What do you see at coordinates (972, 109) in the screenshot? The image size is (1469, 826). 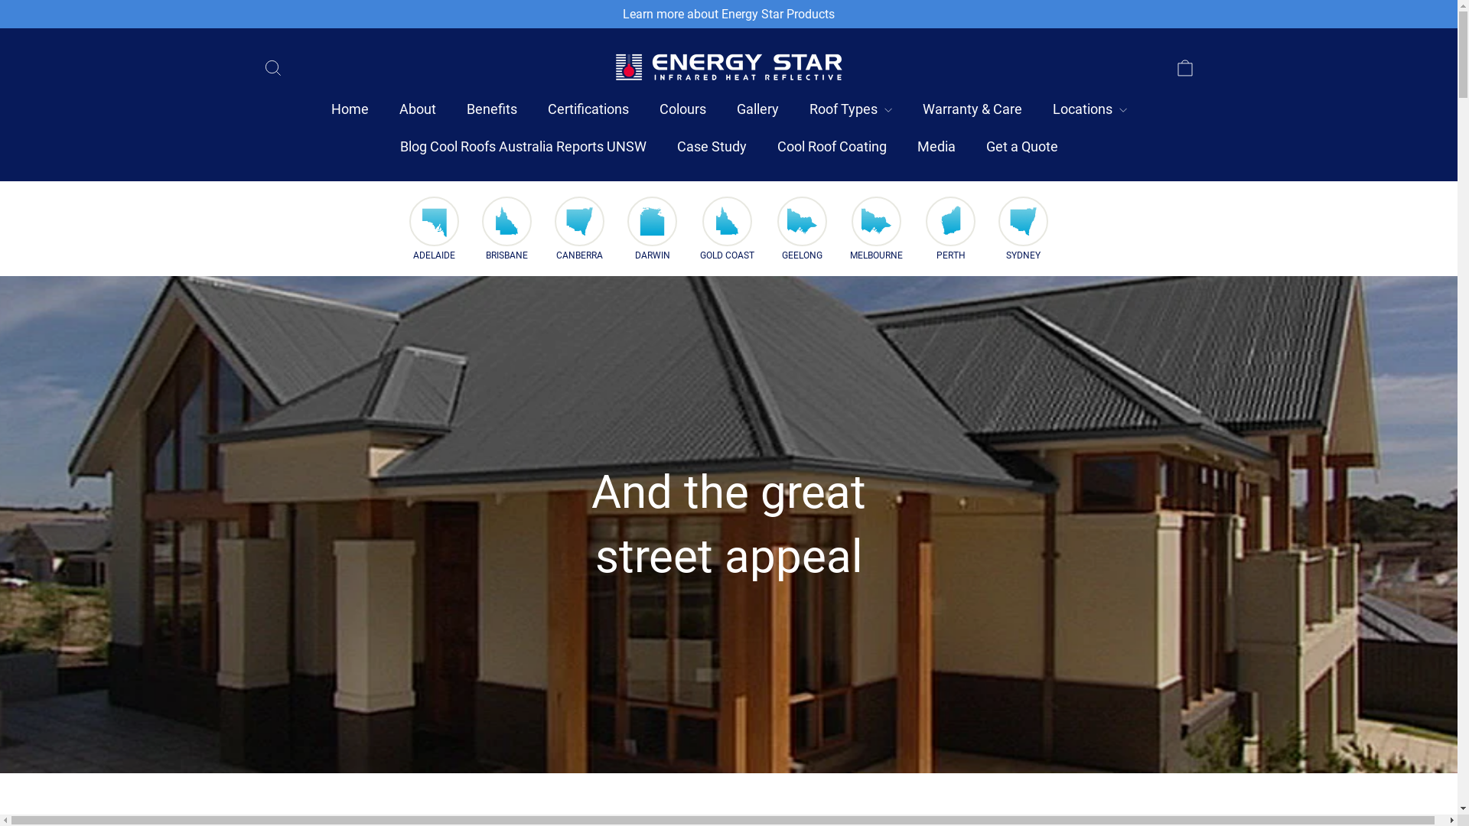 I see `'Warranty & Care'` at bounding box center [972, 109].